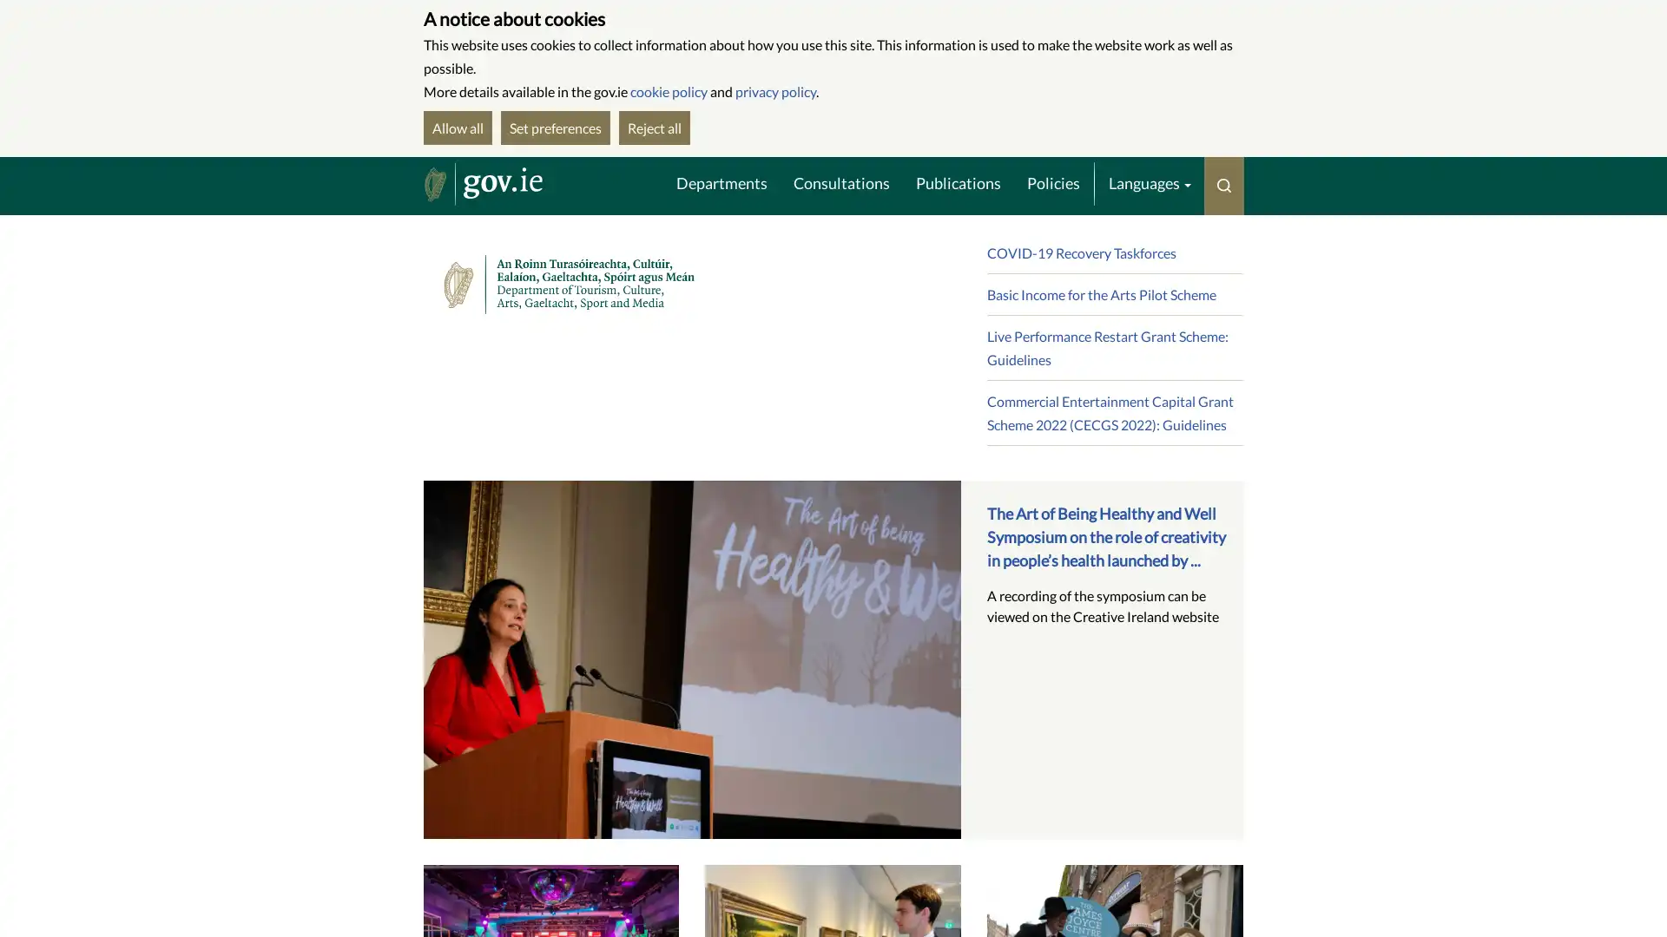  Describe the element at coordinates (1222, 183) in the screenshot. I see `Toggle search menu` at that location.